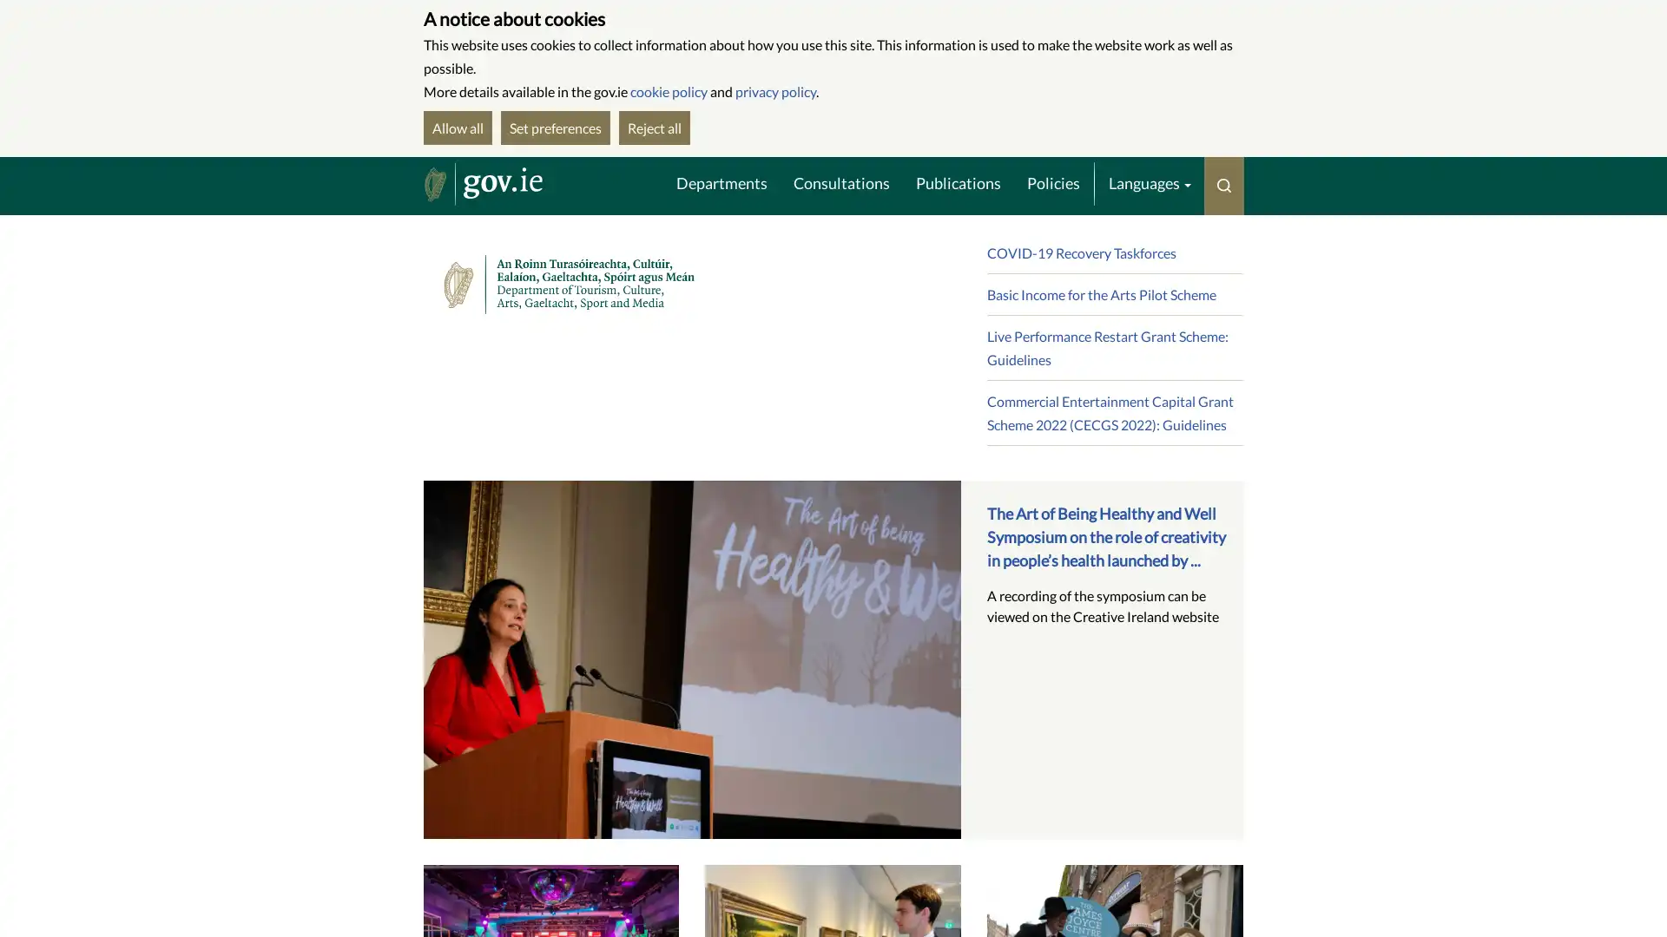  Describe the element at coordinates (1222, 183) in the screenshot. I see `Toggle search menu` at that location.